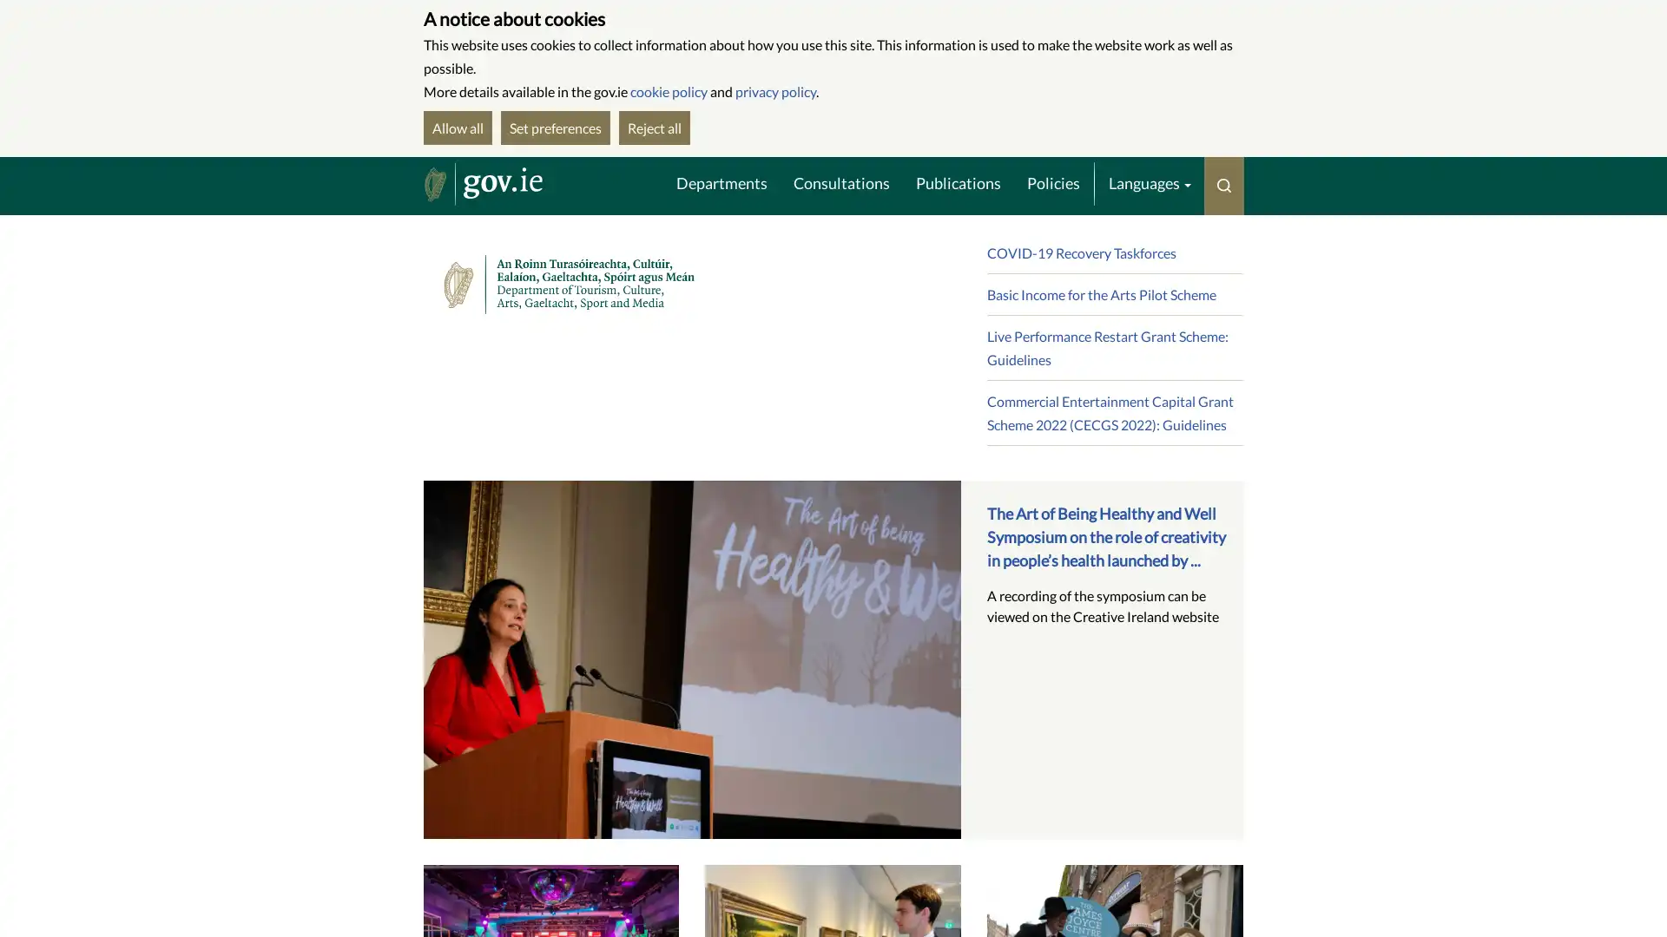  Describe the element at coordinates (1222, 183) in the screenshot. I see `Toggle search menu` at that location.